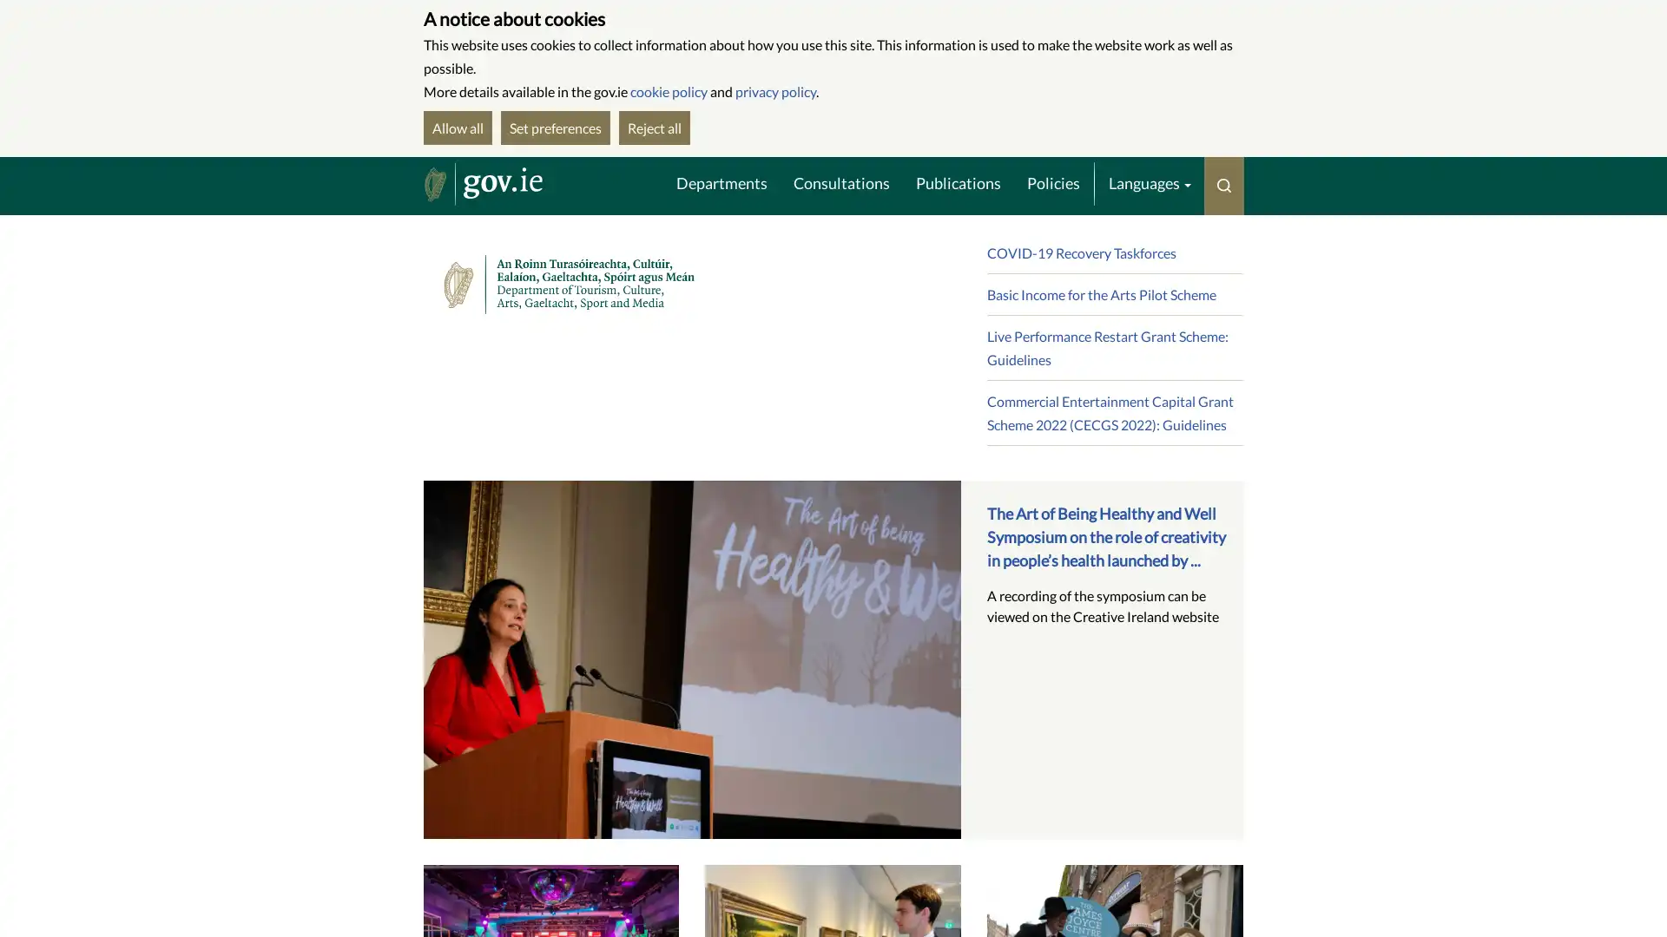  Describe the element at coordinates (1222, 183) in the screenshot. I see `Toggle search menu` at that location.